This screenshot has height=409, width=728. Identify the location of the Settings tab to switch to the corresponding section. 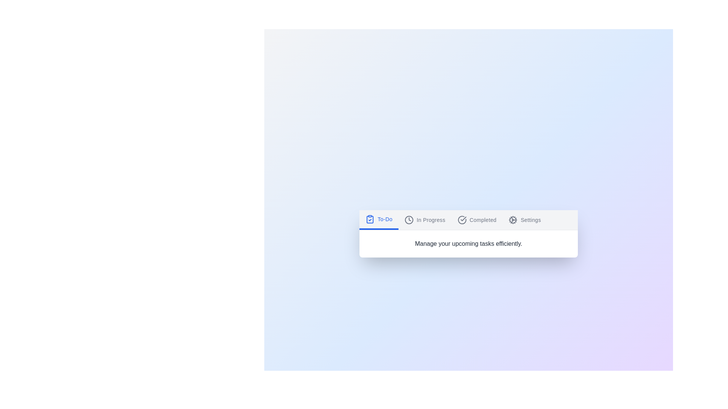
(524, 220).